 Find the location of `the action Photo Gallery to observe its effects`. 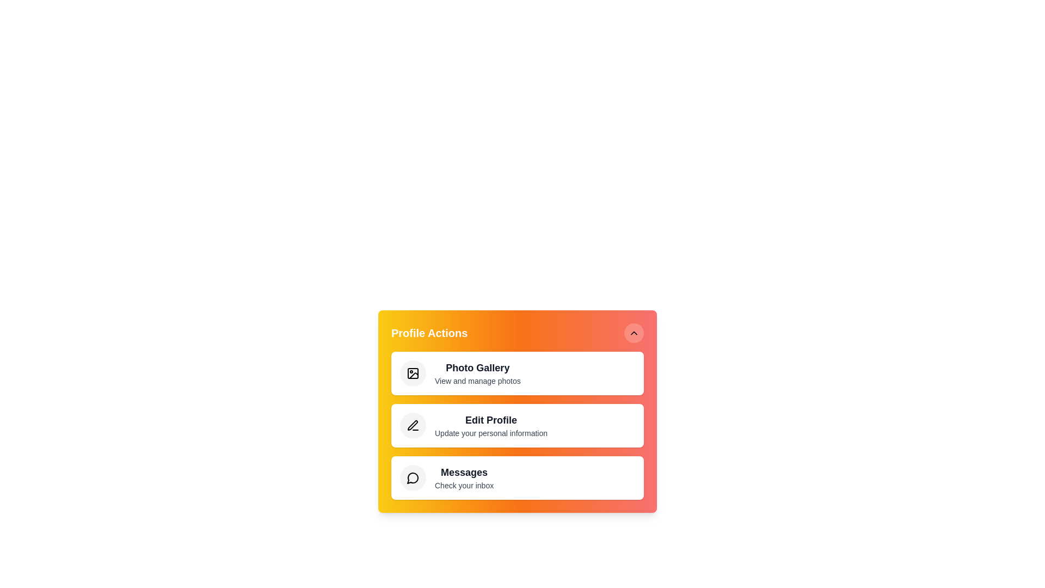

the action Photo Gallery to observe its effects is located at coordinates (412, 373).